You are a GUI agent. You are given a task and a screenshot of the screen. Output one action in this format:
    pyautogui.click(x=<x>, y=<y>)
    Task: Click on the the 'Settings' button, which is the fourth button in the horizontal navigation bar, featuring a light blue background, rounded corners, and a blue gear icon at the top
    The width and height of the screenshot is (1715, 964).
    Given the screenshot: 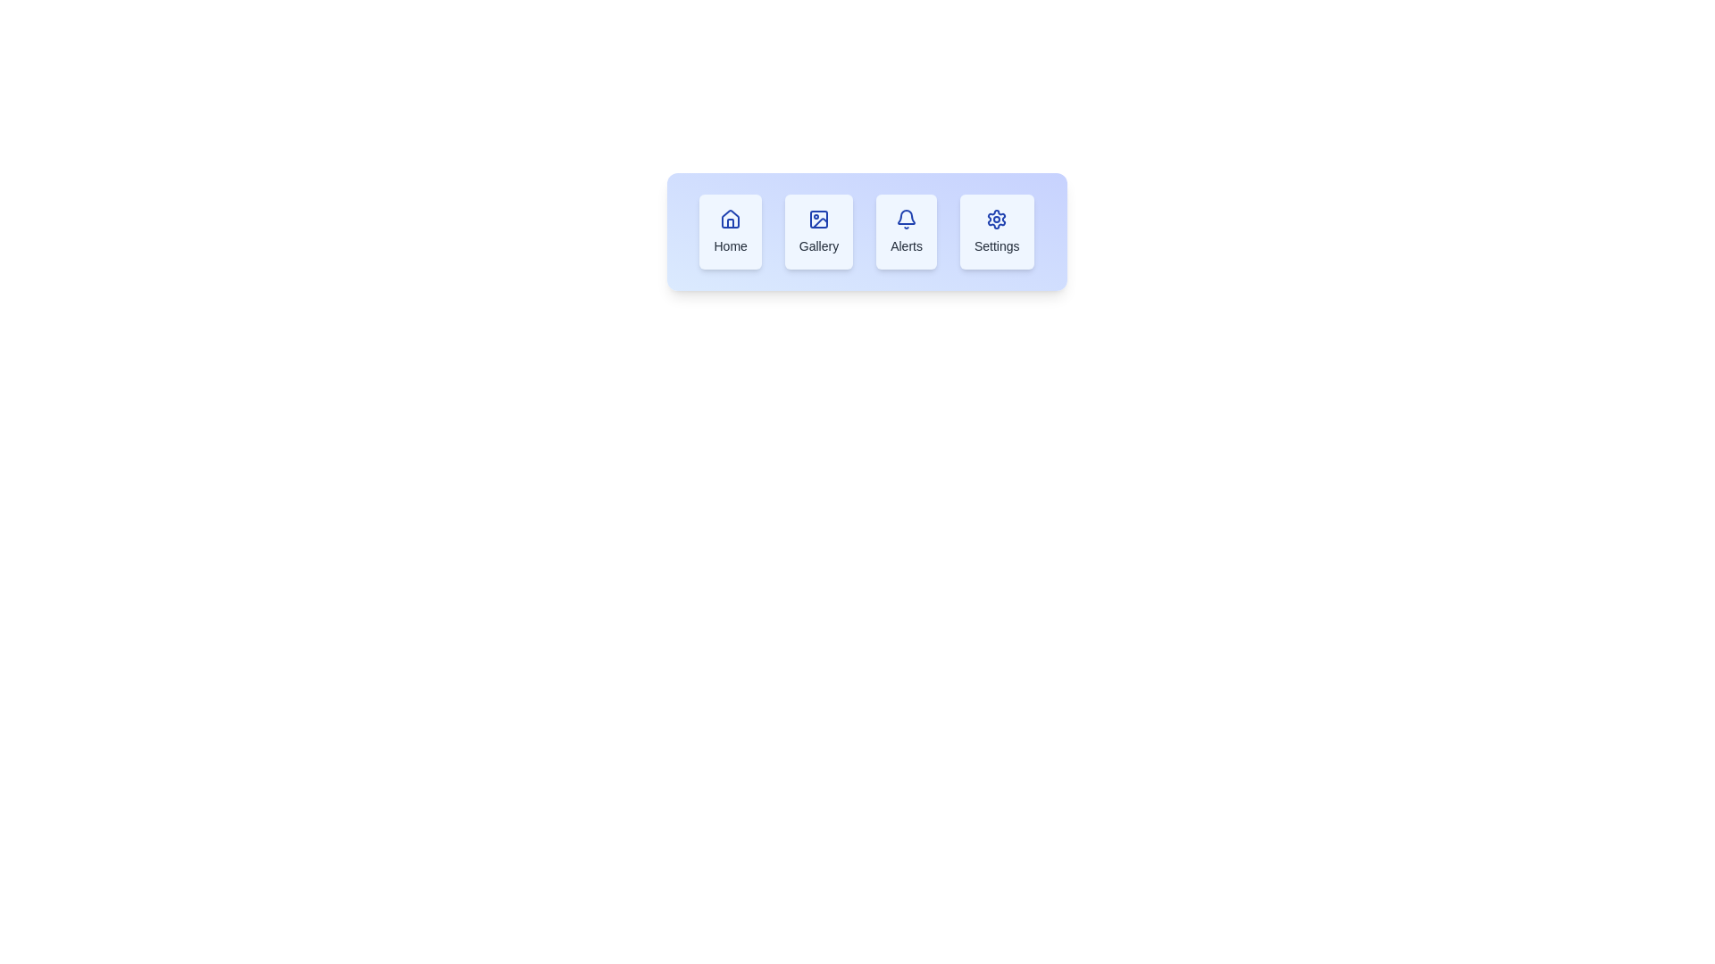 What is the action you would take?
    pyautogui.click(x=996, y=230)
    